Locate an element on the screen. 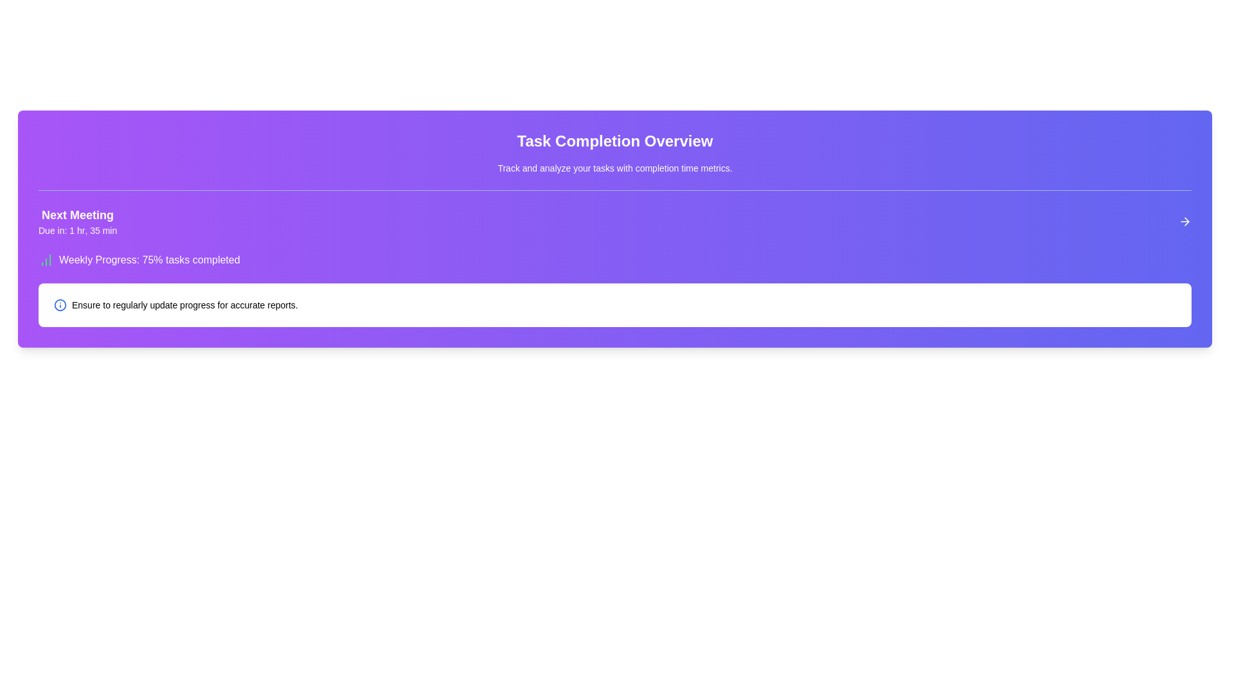  text label denoting the time unit 'minutes' located to the right of the numeric value '35' in the countdown display under the 'Next Meeting' heading is located at coordinates (109, 229).